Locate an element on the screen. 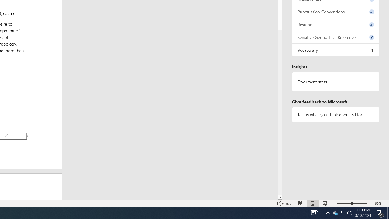  'Tell us what you think about Editor' is located at coordinates (336, 115).